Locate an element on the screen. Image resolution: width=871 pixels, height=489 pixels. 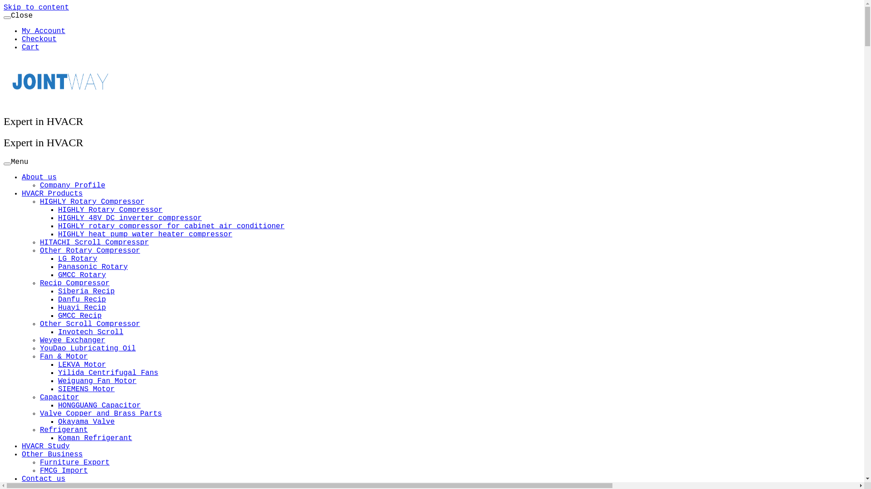
'My Account' is located at coordinates (22, 31).